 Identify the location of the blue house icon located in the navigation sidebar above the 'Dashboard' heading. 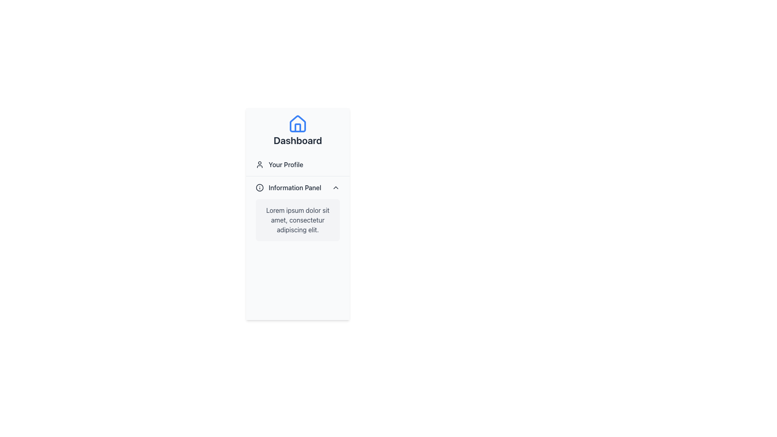
(297, 123).